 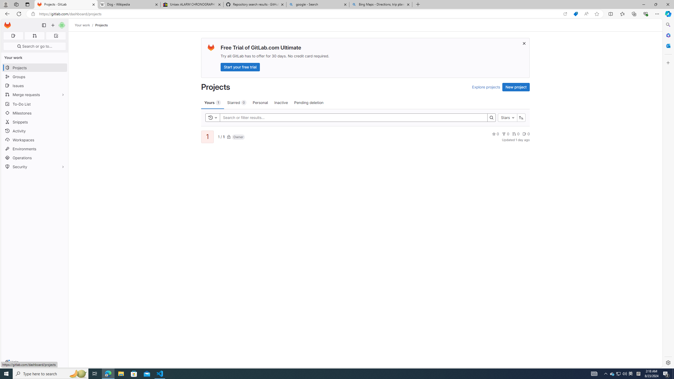 What do you see at coordinates (34, 166) in the screenshot?
I see `'Security'` at bounding box center [34, 166].